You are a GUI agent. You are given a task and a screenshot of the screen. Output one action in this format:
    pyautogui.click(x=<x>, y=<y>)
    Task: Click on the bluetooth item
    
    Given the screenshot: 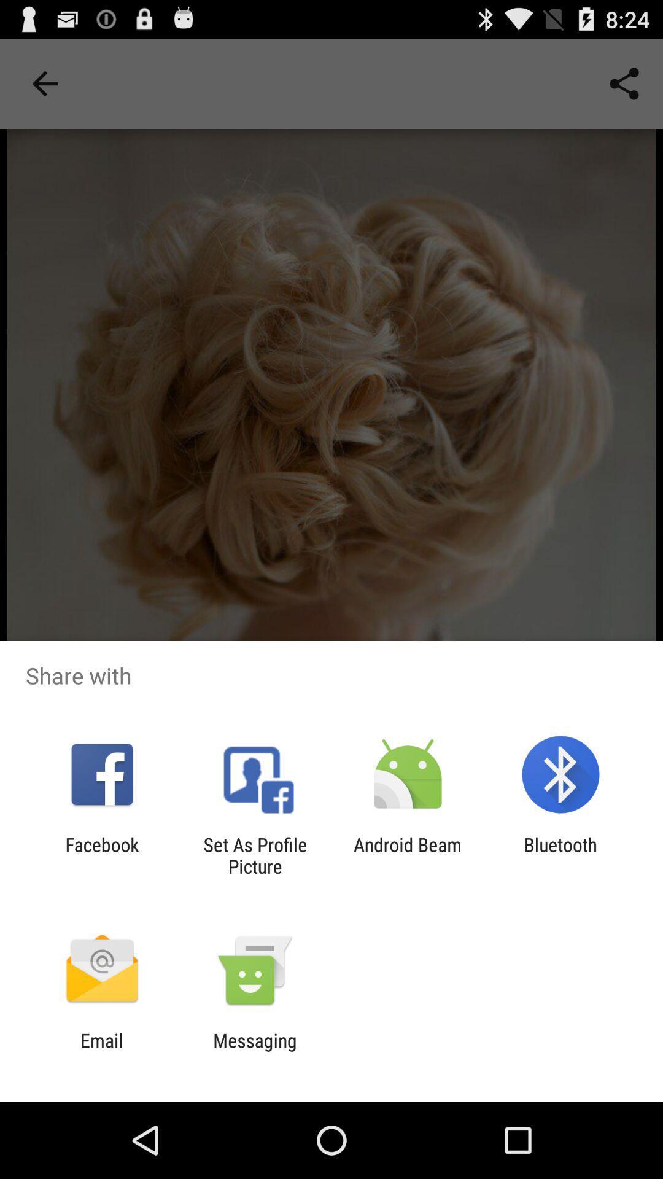 What is the action you would take?
    pyautogui.click(x=560, y=855)
    